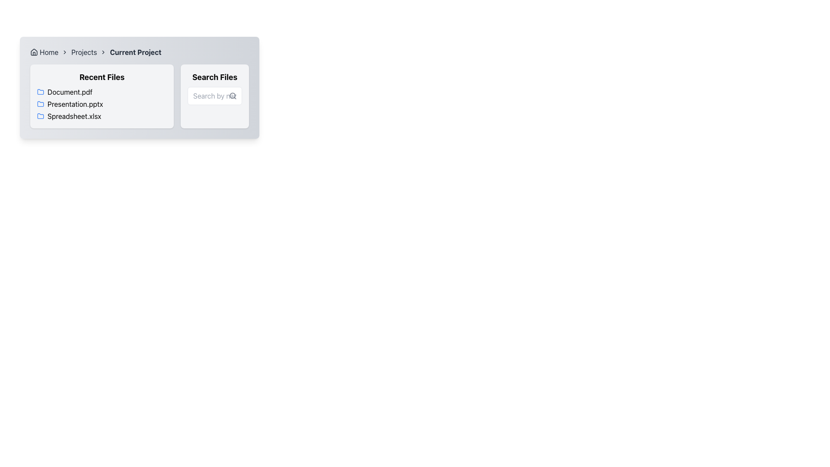 The height and width of the screenshot is (467, 830). Describe the element at coordinates (215, 77) in the screenshot. I see `the text label 'Search Files', which is located above the search input field and positioned to the right of the 'Recent Files' section` at that location.